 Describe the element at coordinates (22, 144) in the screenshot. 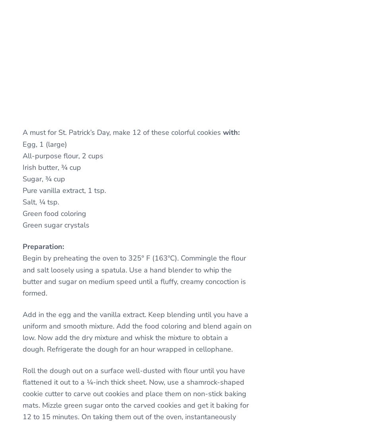

I see `'Egg, 1 (large)'` at that location.